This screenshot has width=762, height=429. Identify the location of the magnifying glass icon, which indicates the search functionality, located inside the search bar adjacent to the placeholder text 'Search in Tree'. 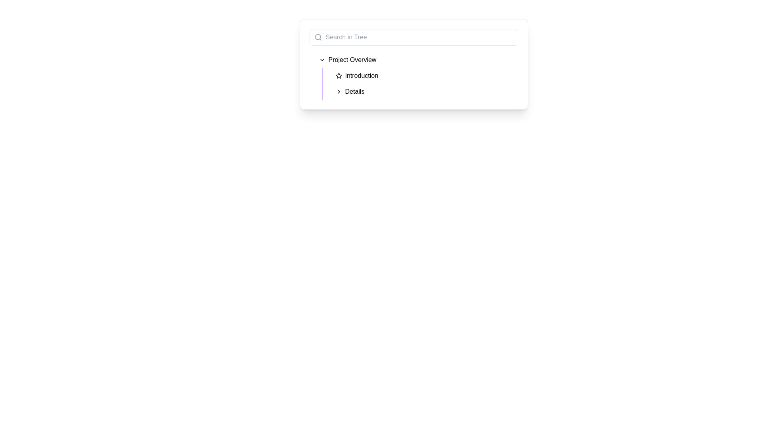
(318, 37).